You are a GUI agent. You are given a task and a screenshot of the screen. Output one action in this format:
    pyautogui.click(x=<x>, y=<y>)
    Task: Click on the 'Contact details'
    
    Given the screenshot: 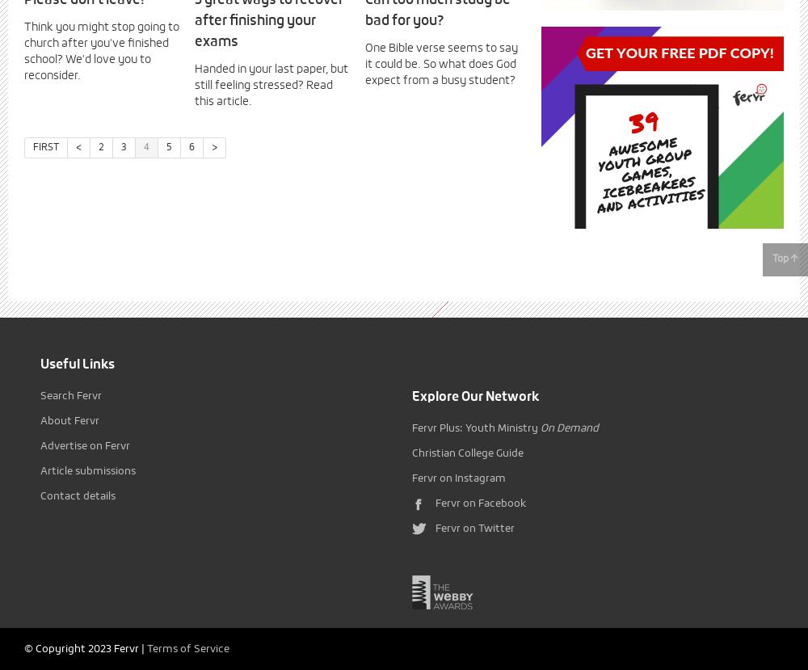 What is the action you would take?
    pyautogui.click(x=77, y=496)
    